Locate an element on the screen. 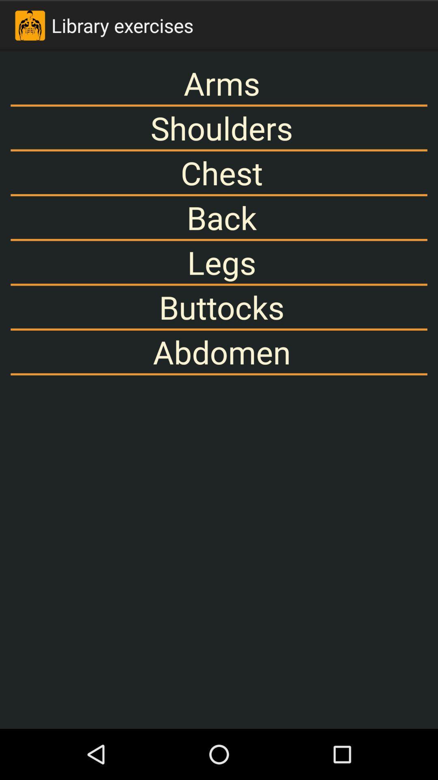  the abdomen icon is located at coordinates (219, 352).